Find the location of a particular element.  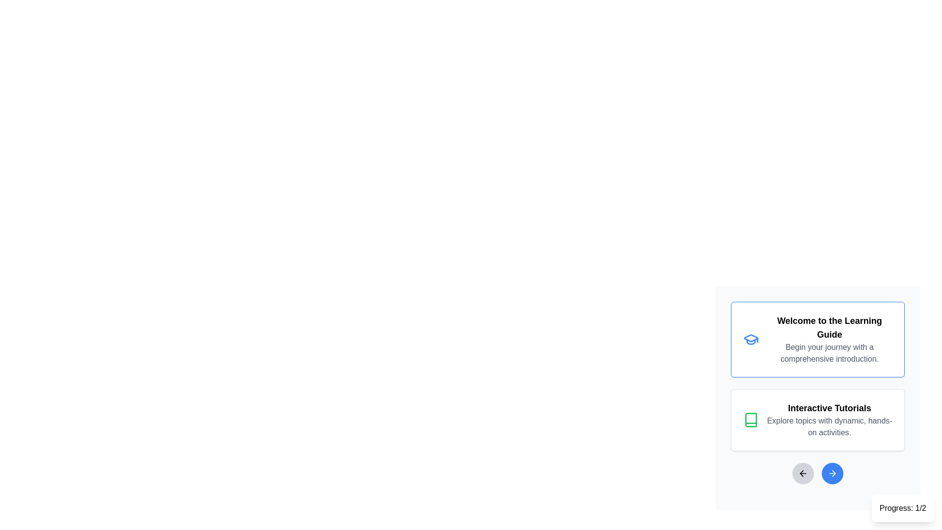

the circular blue button with a white right-pointing arrow to change its color, located at the bottom right corner of the interface is located at coordinates (832, 473).